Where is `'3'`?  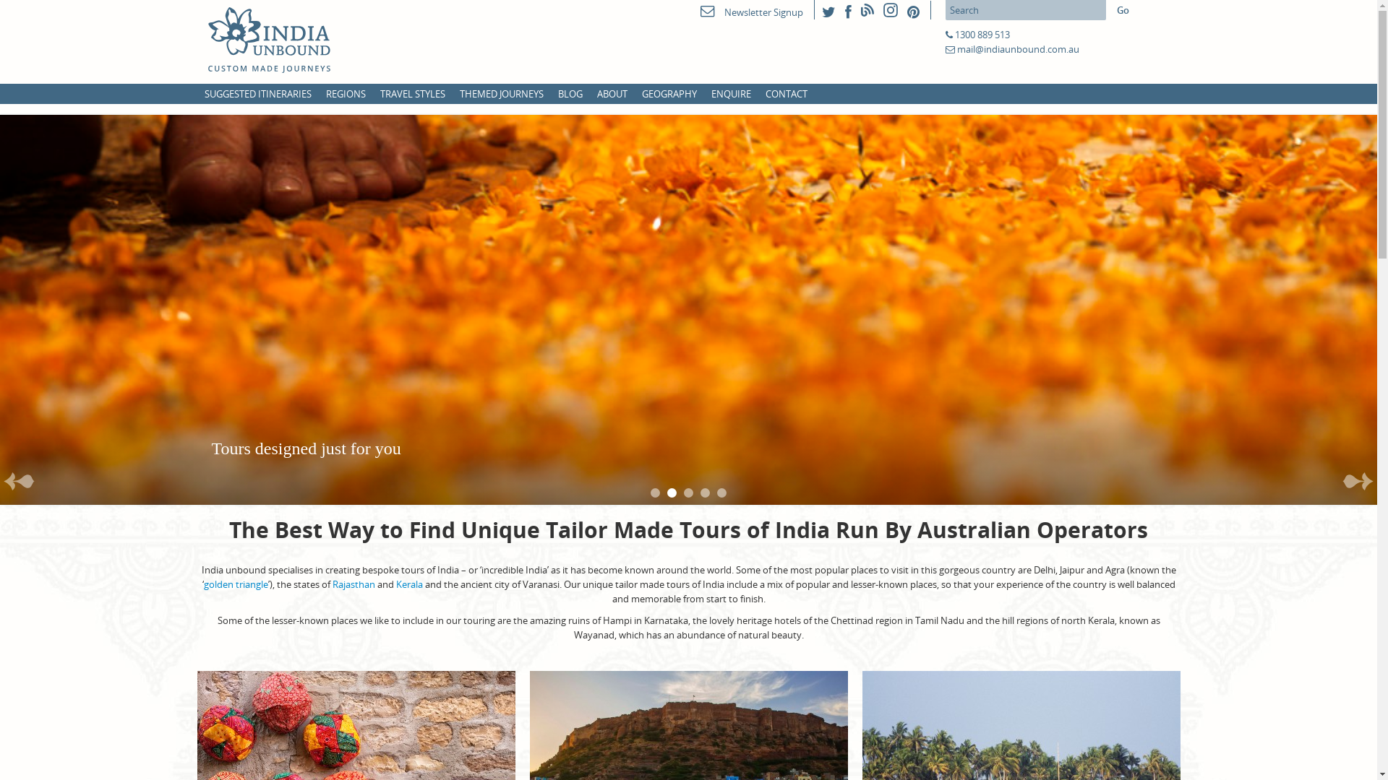 '3' is located at coordinates (687, 492).